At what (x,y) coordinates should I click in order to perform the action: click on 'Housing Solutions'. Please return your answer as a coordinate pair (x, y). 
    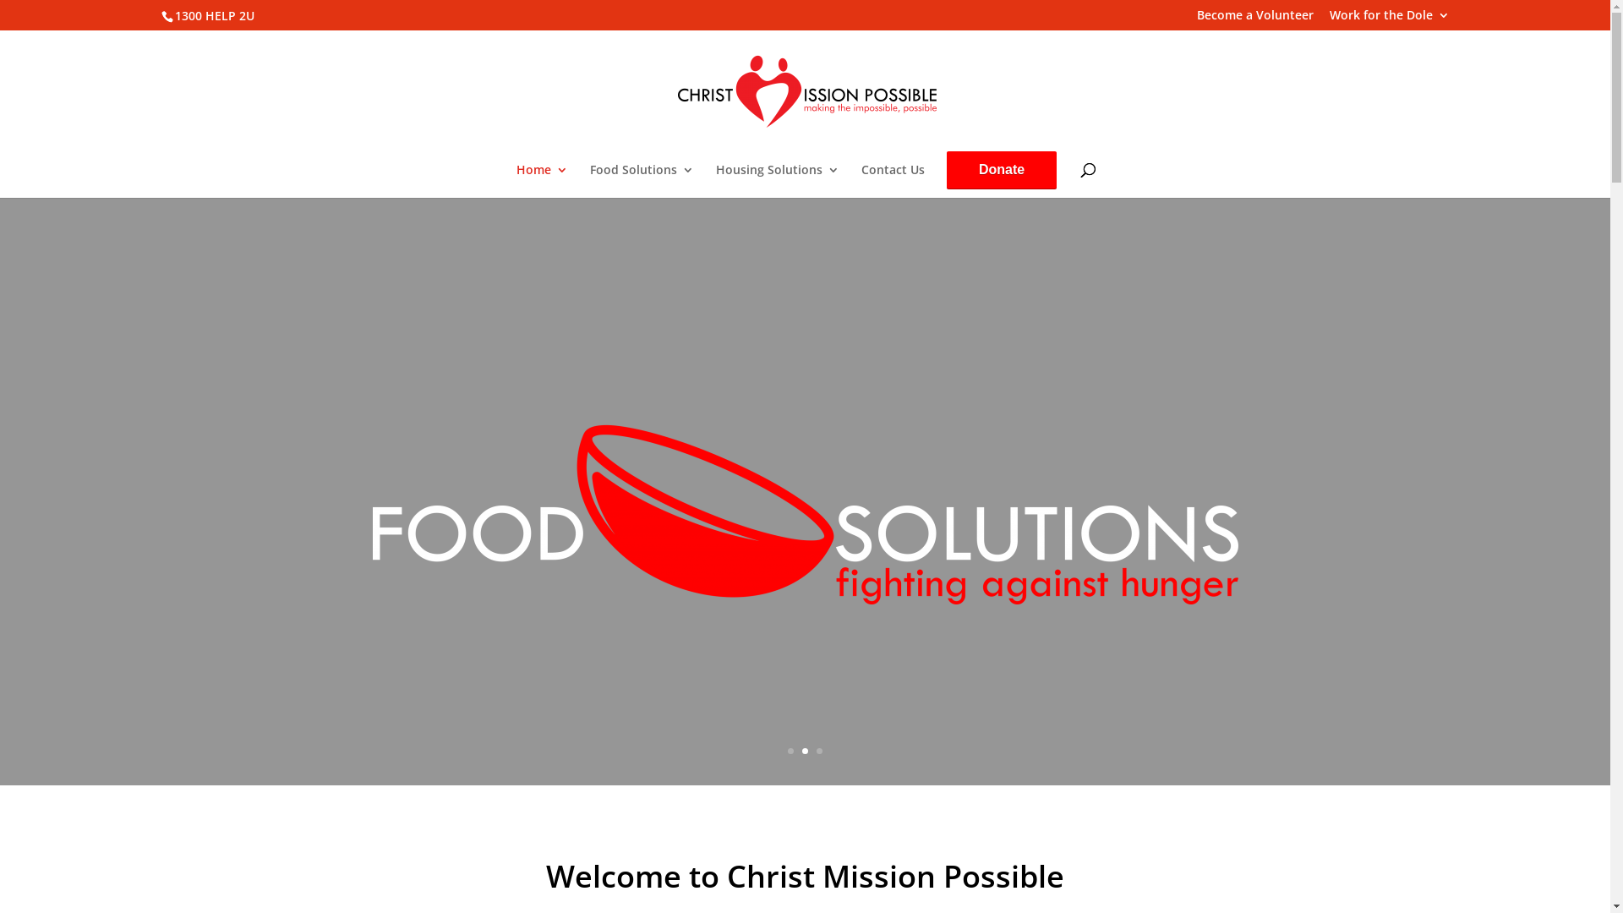
    Looking at the image, I should click on (777, 180).